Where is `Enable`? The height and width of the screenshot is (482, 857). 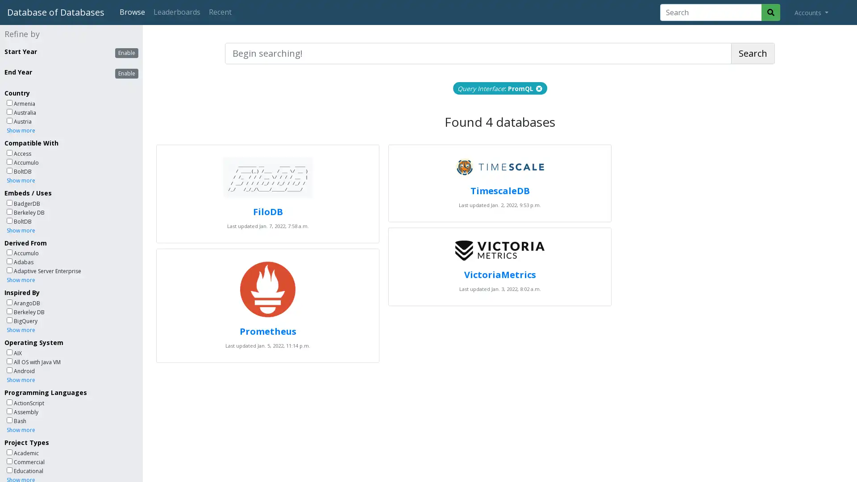 Enable is located at coordinates (126, 73).